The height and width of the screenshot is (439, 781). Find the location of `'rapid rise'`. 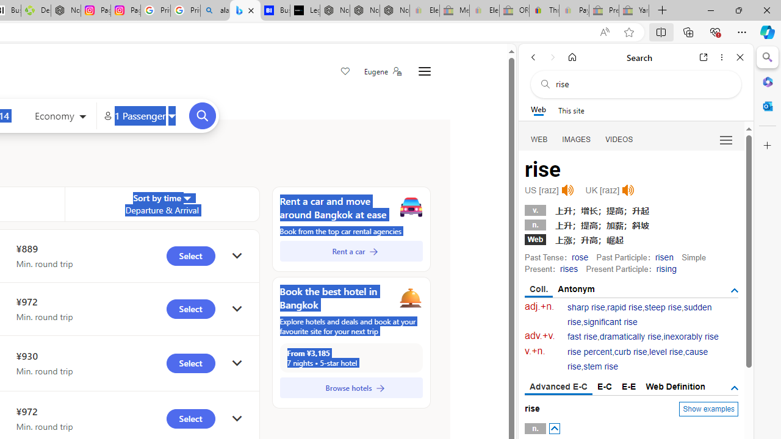

'rapid rise' is located at coordinates (625, 307).